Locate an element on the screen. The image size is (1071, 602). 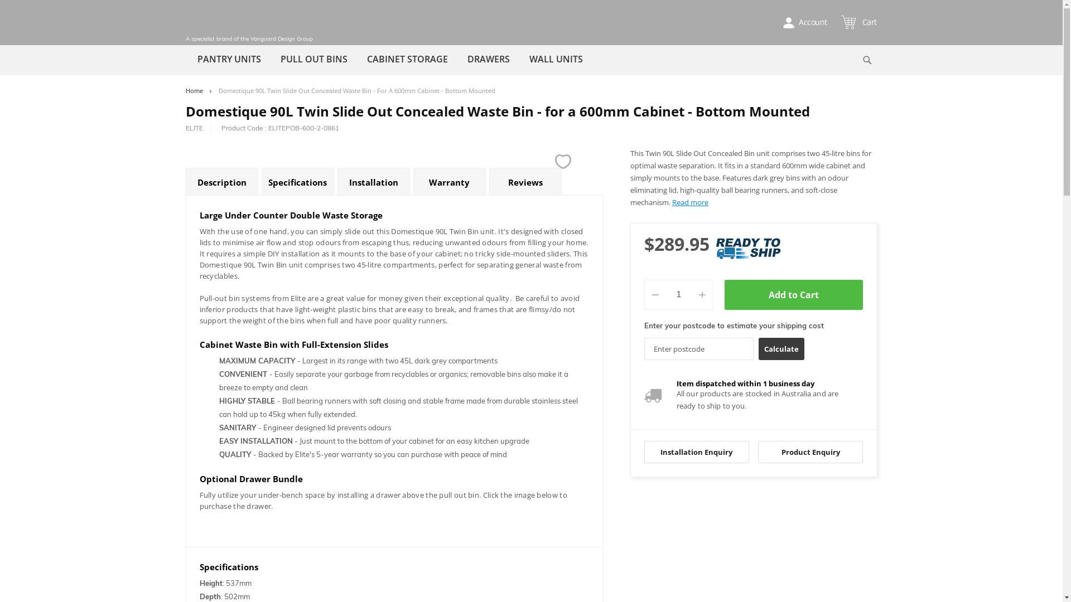
'CABINET STORAGE' is located at coordinates (358, 59).